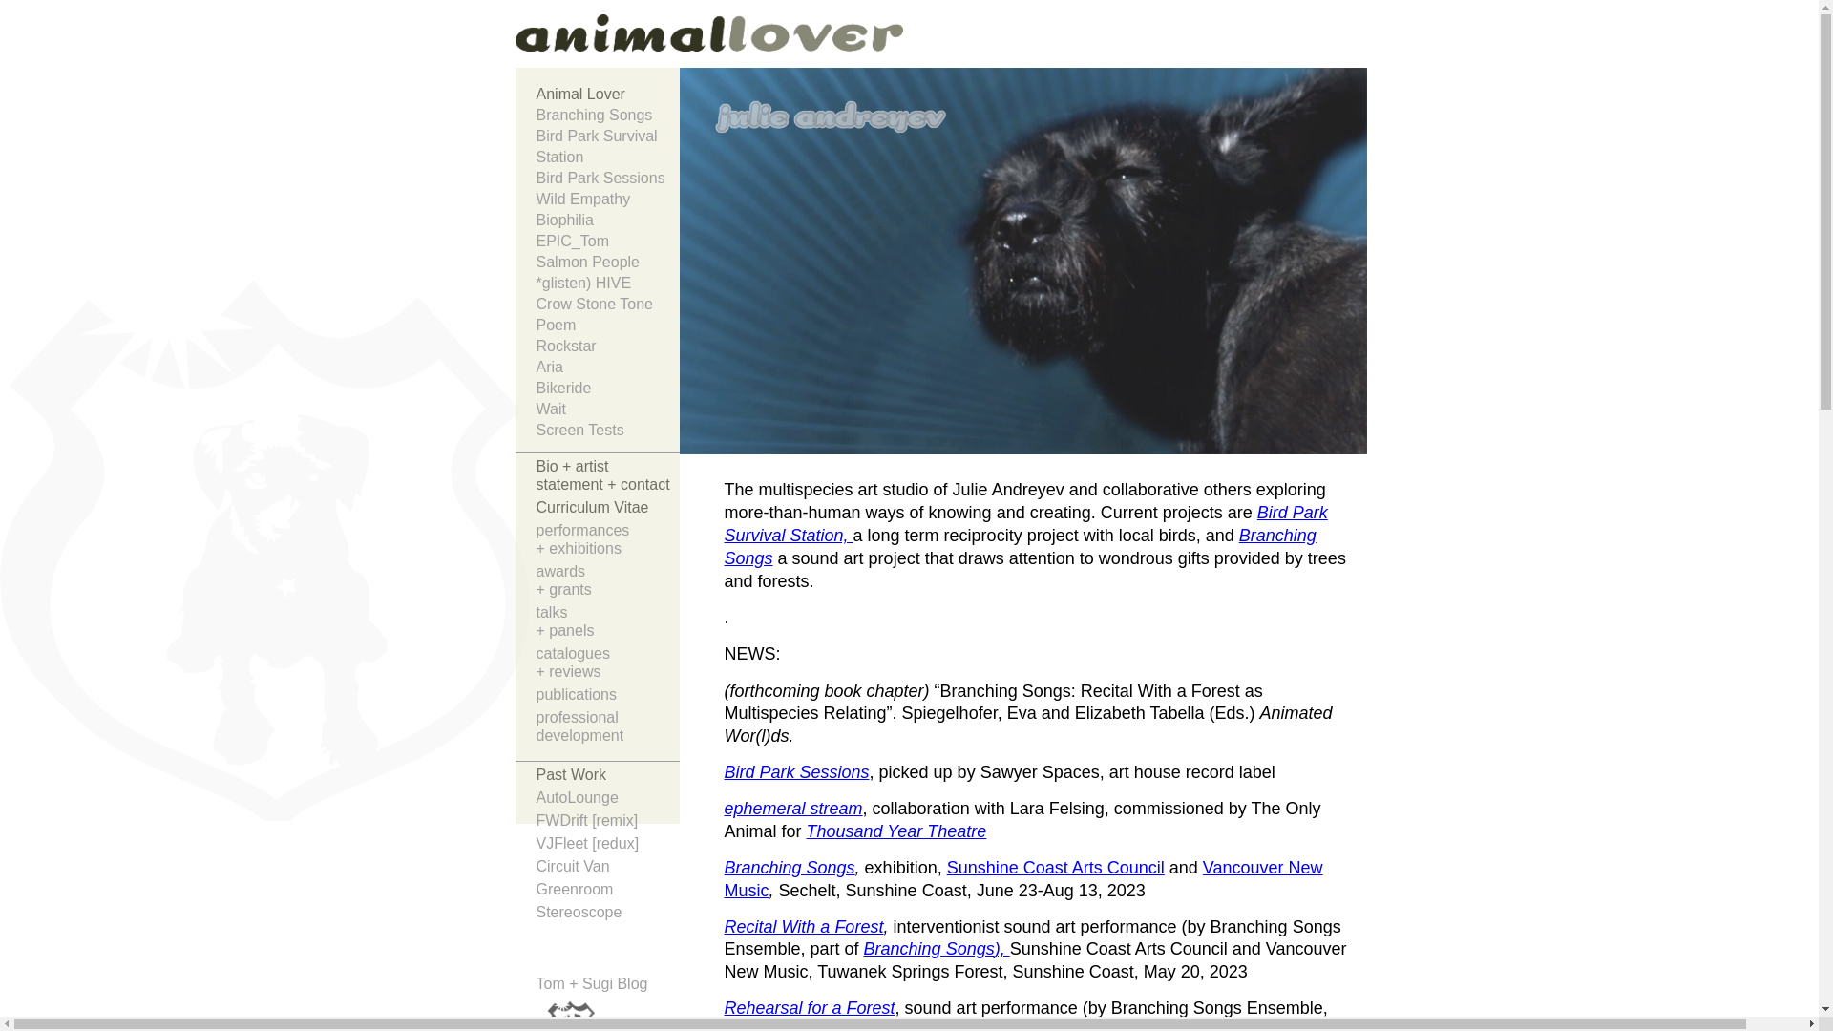 The image size is (1833, 1031). What do you see at coordinates (607, 623) in the screenshot?
I see `'talks` at bounding box center [607, 623].